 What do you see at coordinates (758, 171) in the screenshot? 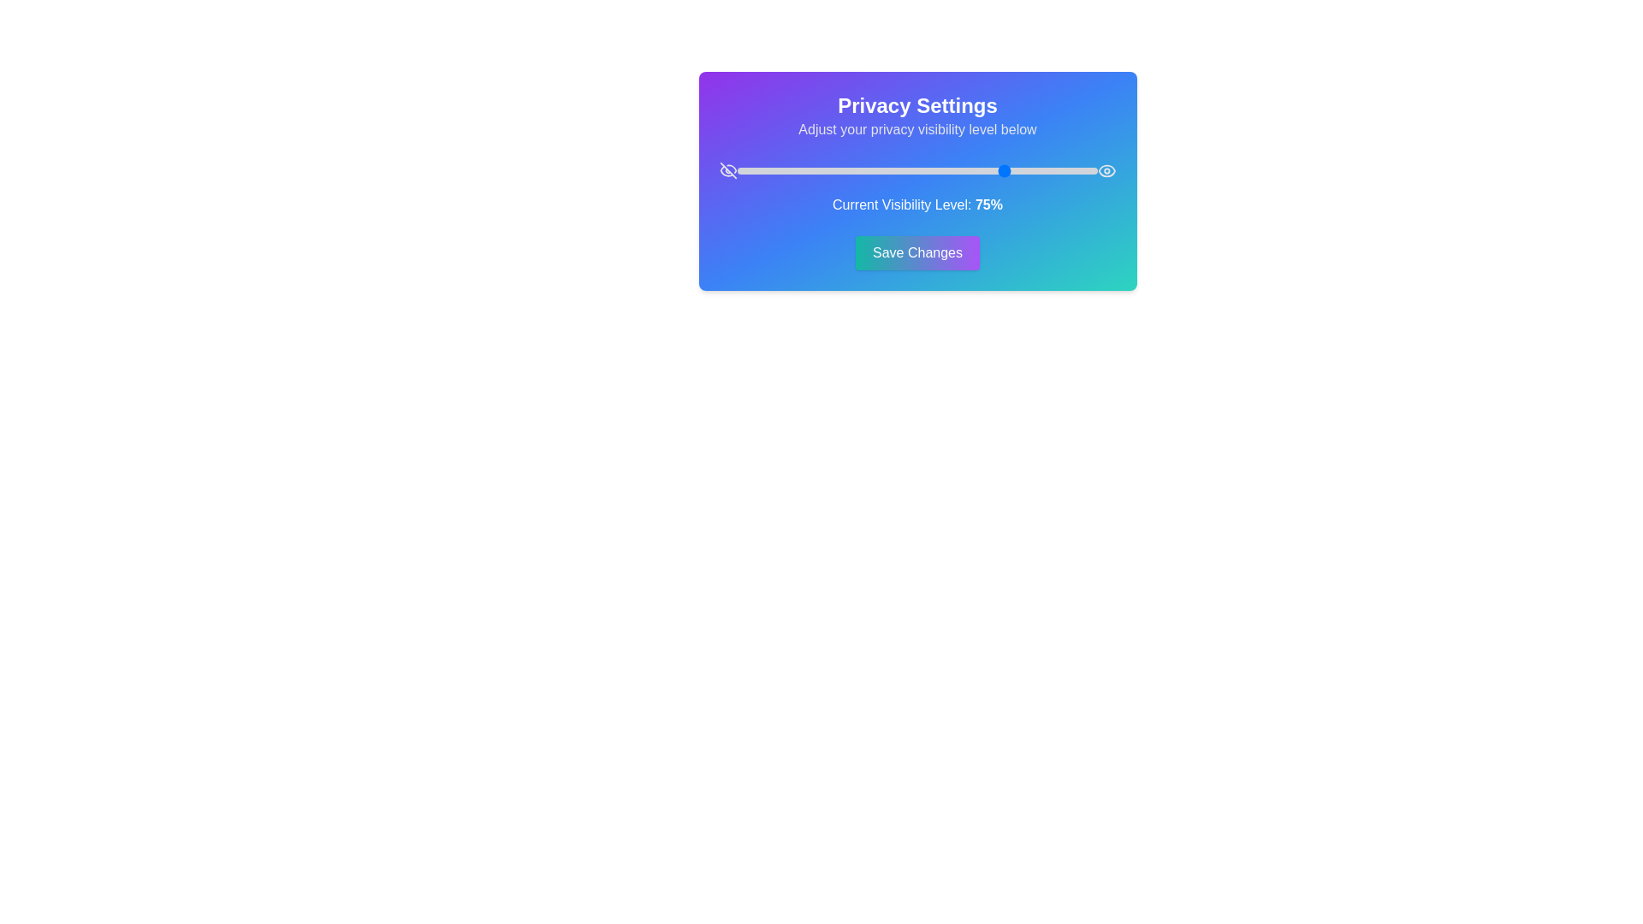
I see `the visibility level to 6% using the slider` at bounding box center [758, 171].